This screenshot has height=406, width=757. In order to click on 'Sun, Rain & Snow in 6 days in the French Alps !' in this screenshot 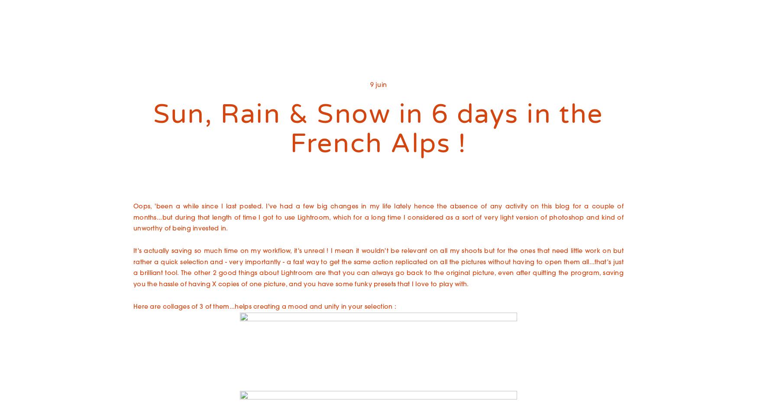, I will do `click(378, 129)`.